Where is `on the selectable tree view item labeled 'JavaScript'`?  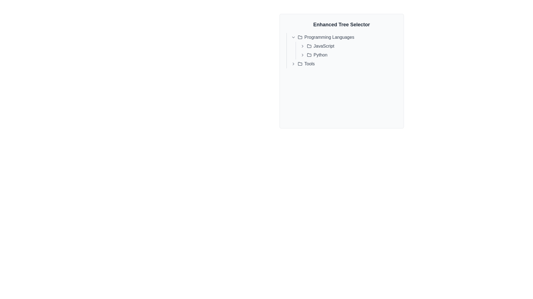 on the selectable tree view item labeled 'JavaScript' is located at coordinates (348, 46).